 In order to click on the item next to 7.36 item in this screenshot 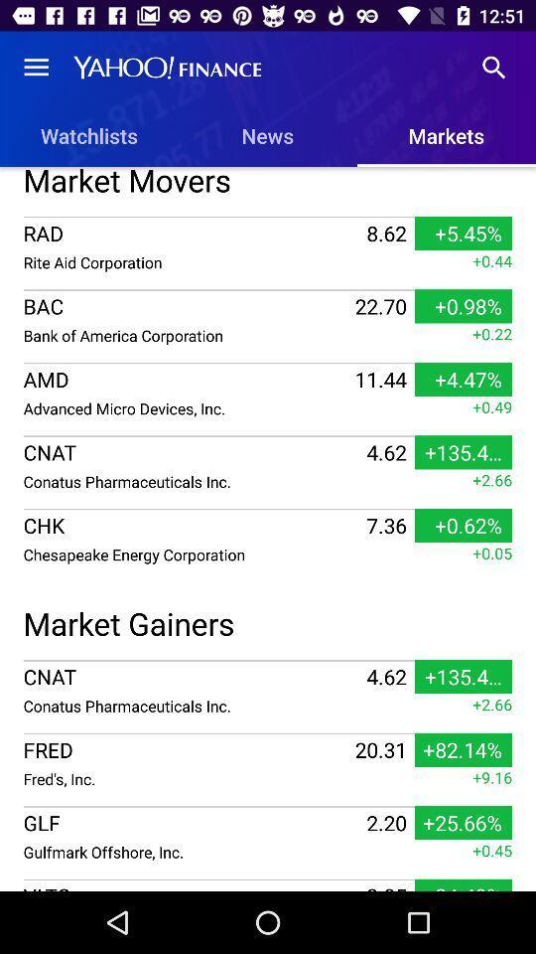, I will do `click(192, 555)`.